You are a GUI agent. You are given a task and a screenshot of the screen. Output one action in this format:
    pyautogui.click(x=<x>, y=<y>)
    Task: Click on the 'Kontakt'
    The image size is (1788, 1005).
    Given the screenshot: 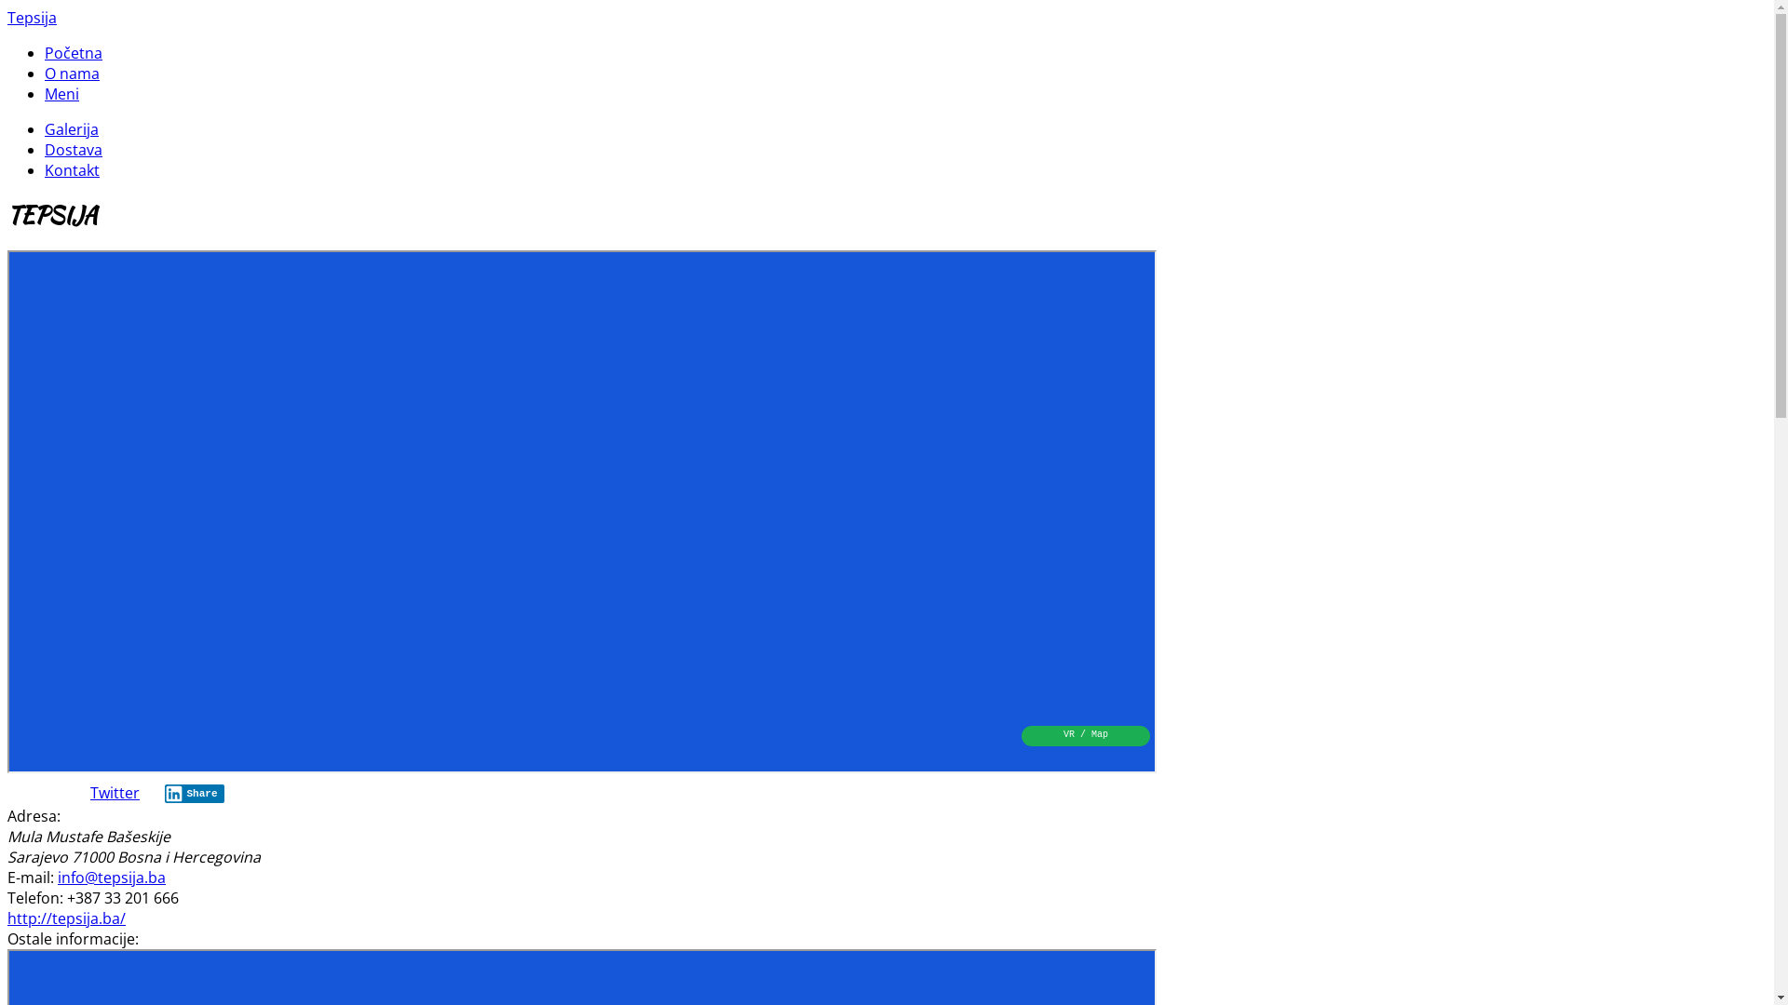 What is the action you would take?
    pyautogui.click(x=72, y=169)
    